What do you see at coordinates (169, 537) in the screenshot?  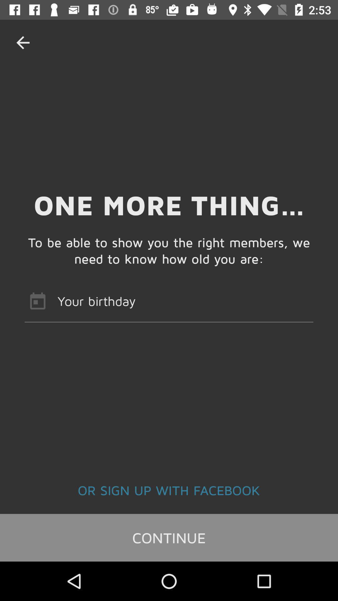 I see `icon below or sign up icon` at bounding box center [169, 537].